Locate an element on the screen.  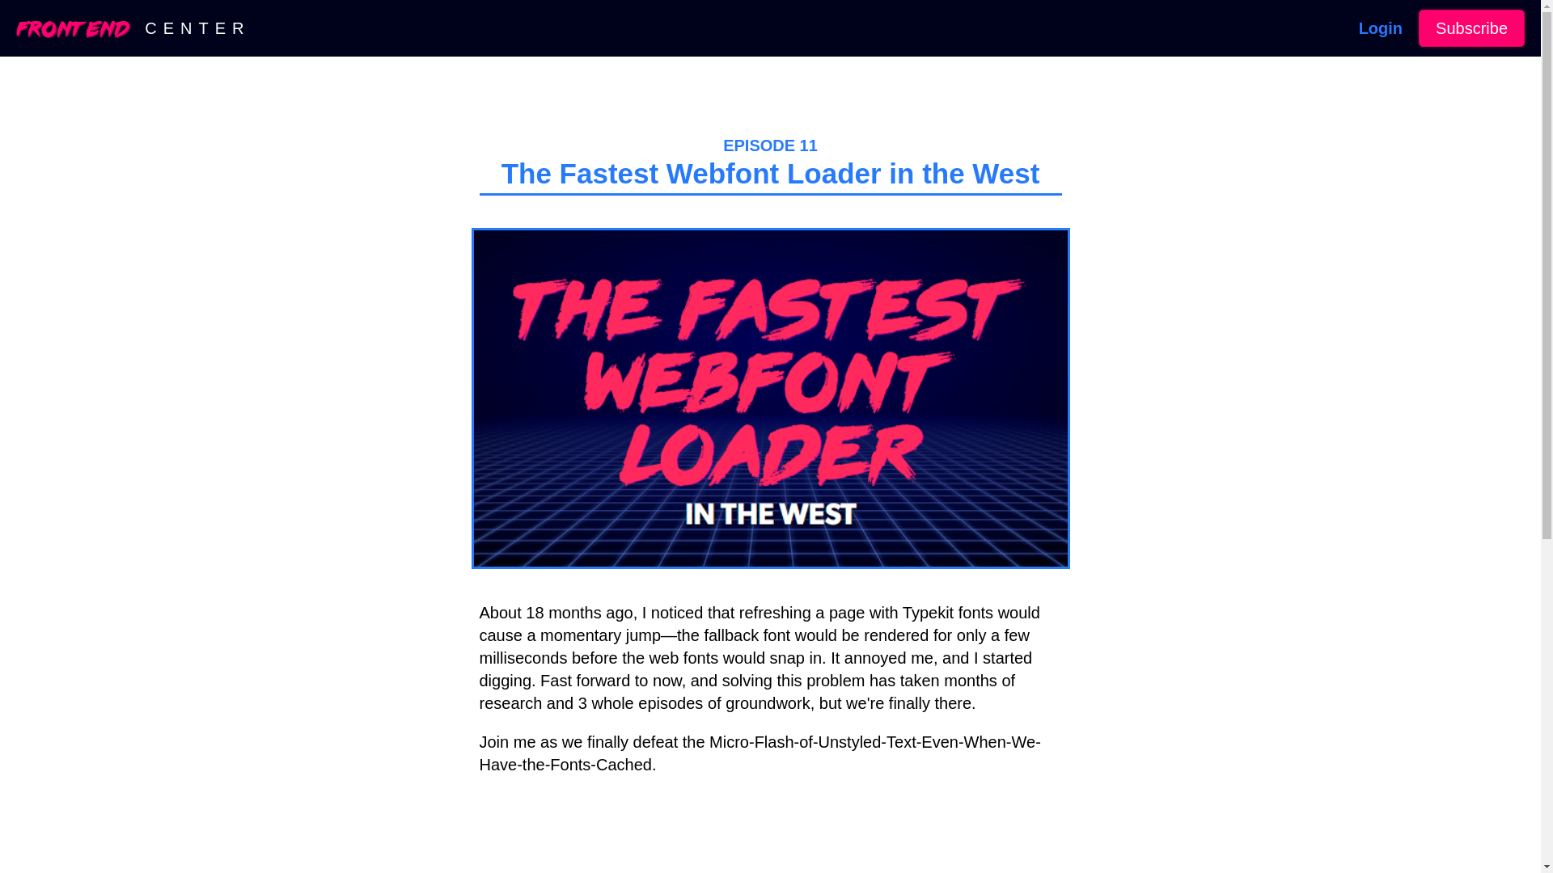
'FRONT ENDCENTER' is located at coordinates (133, 27).